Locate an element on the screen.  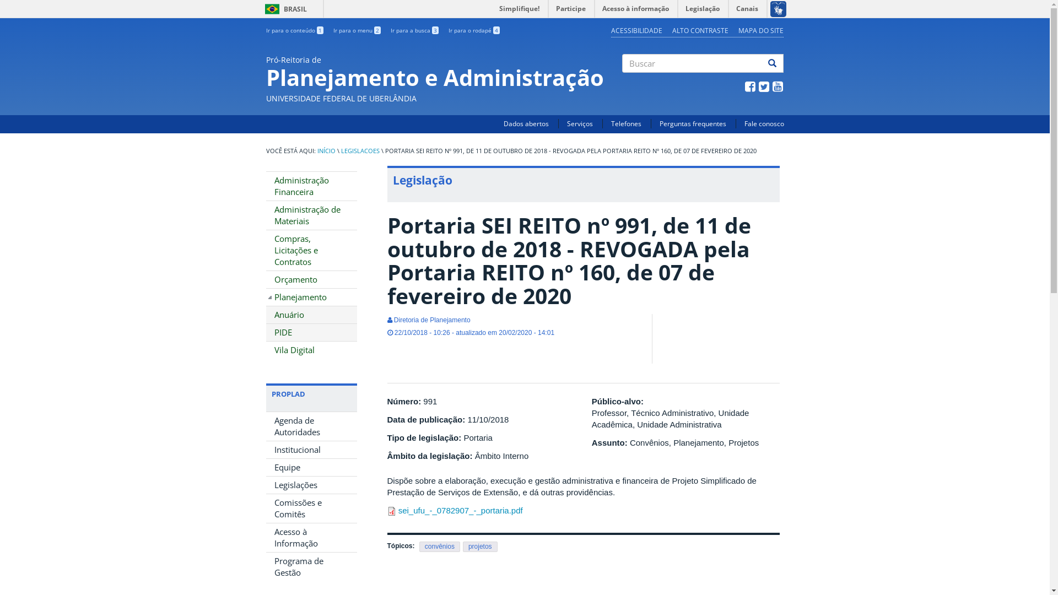
'Fale conosco' is located at coordinates (763, 123).